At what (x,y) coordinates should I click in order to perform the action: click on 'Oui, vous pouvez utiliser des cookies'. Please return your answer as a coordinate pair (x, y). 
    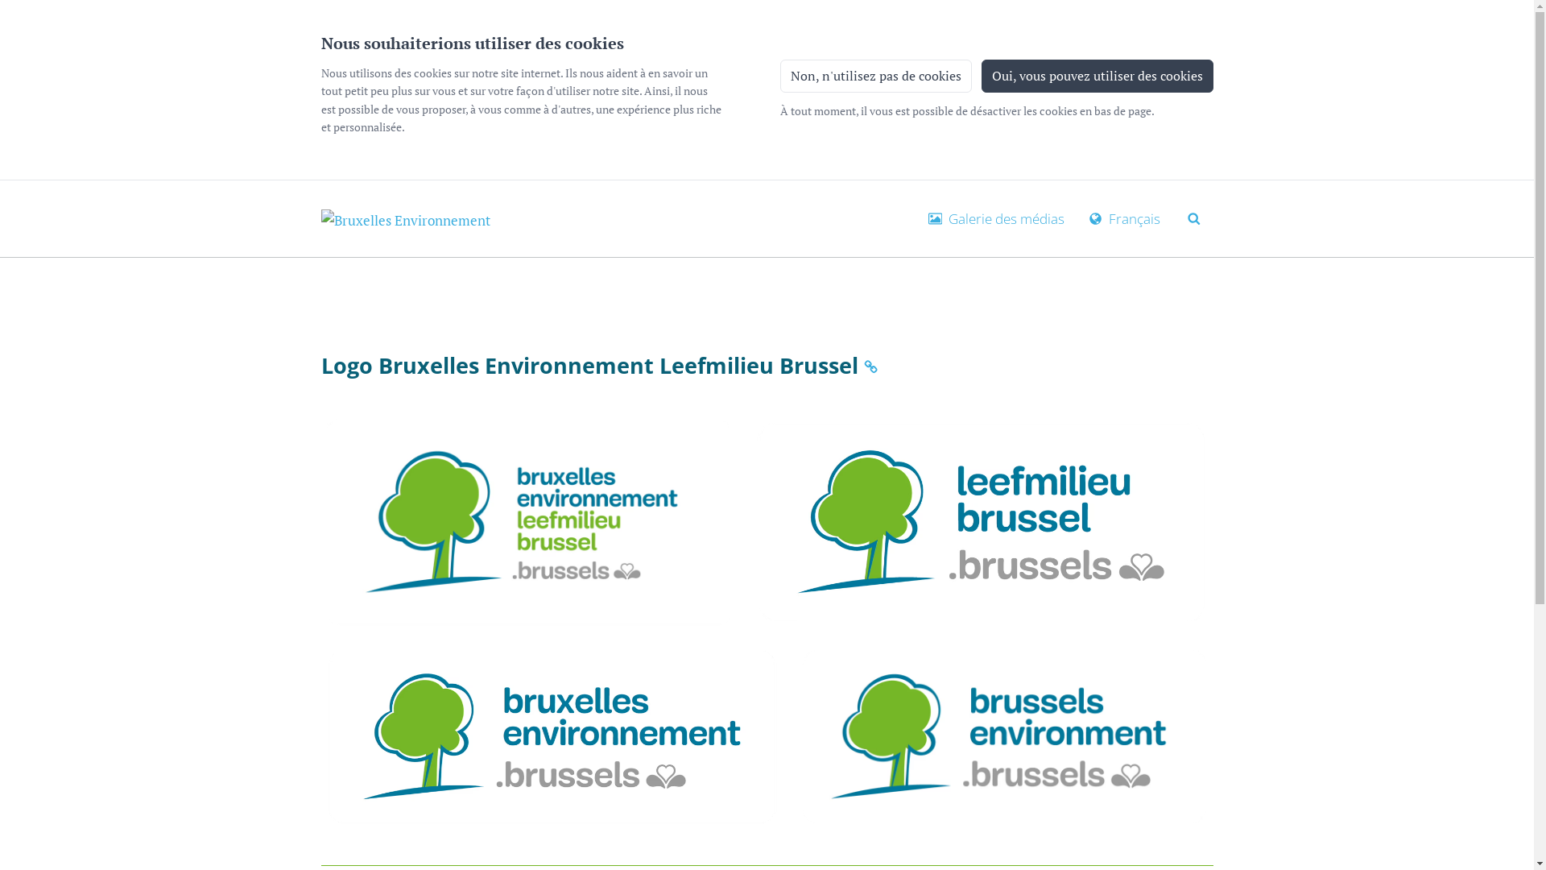
    Looking at the image, I should click on (1096, 75).